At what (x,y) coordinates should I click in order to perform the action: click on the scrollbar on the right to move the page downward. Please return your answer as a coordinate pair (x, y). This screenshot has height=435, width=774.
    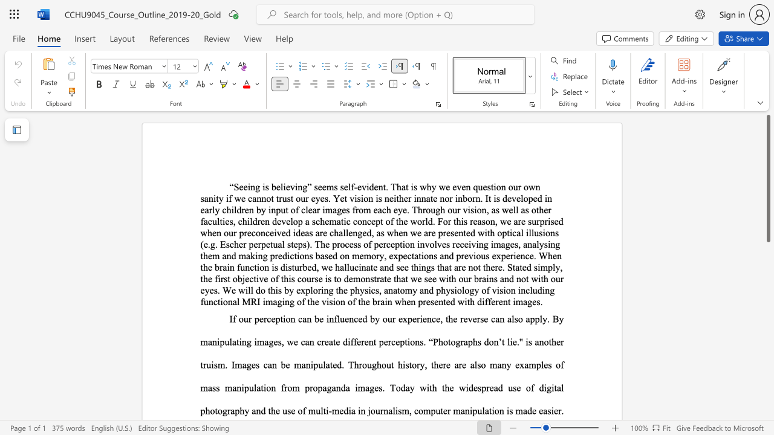
    Looking at the image, I should click on (767, 405).